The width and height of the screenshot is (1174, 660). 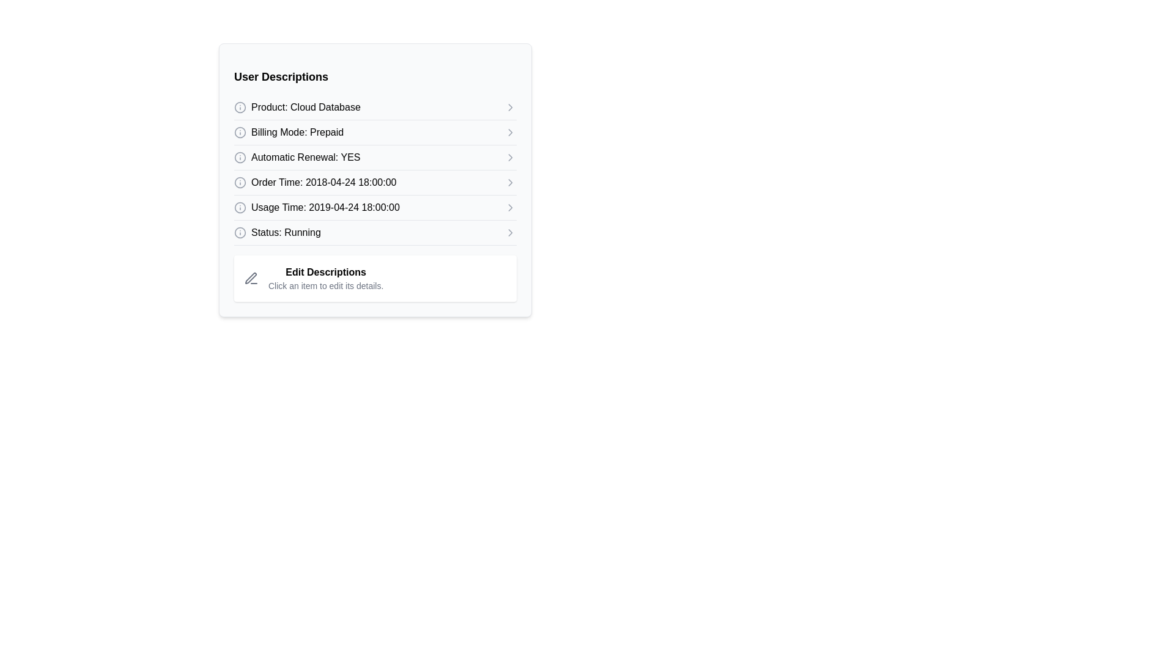 What do you see at coordinates (375, 207) in the screenshot?
I see `the fifth list item that provides information regarding the usage time of a service` at bounding box center [375, 207].